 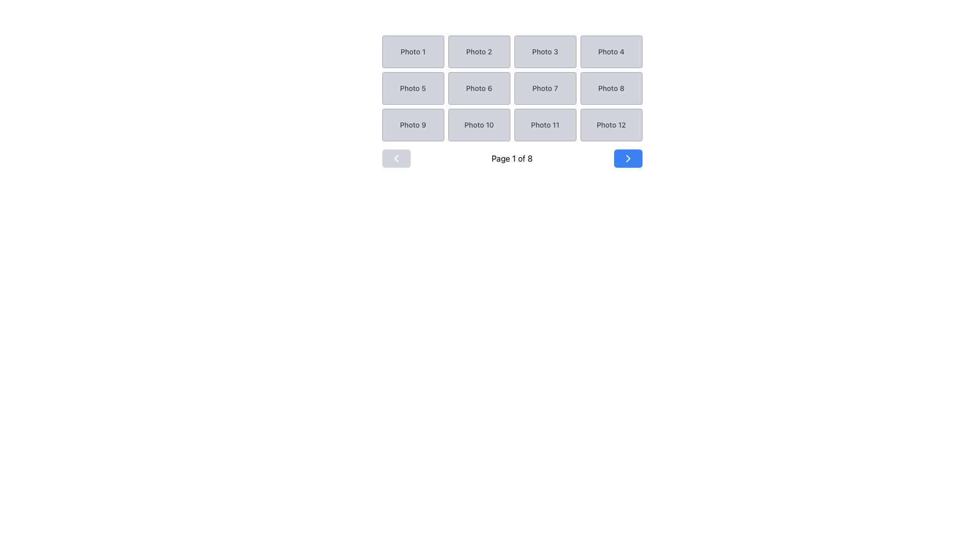 What do you see at coordinates (413, 87) in the screenshot?
I see `the photo selection button located in the first column of the second row, positioned between 'Photo 4' and 'Photo 6'` at bounding box center [413, 87].